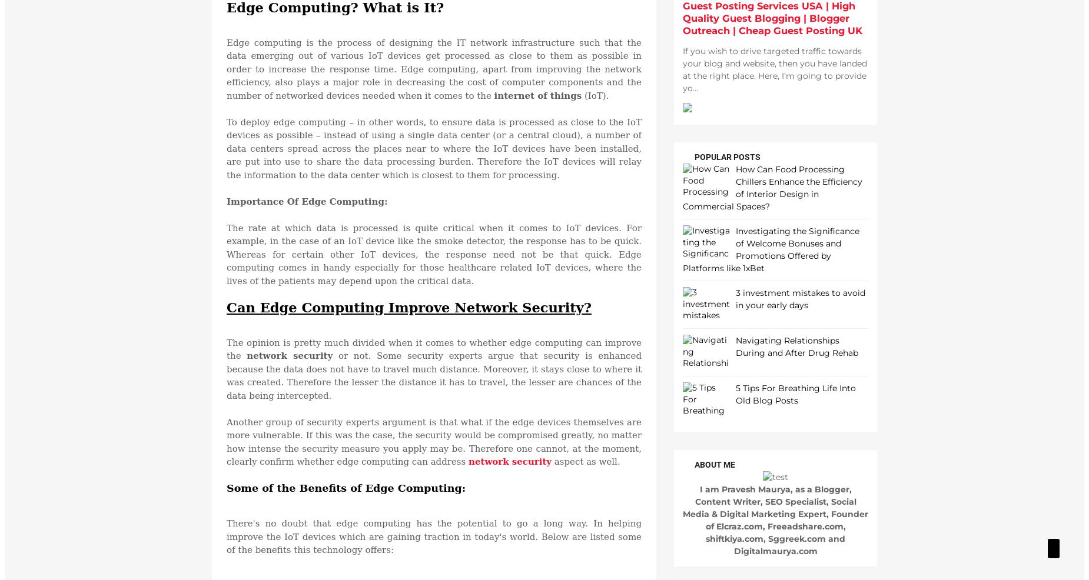 The height and width of the screenshot is (580, 1089). I want to click on 'Navigating Relationships During and After Drug Rehab', so click(796, 346).